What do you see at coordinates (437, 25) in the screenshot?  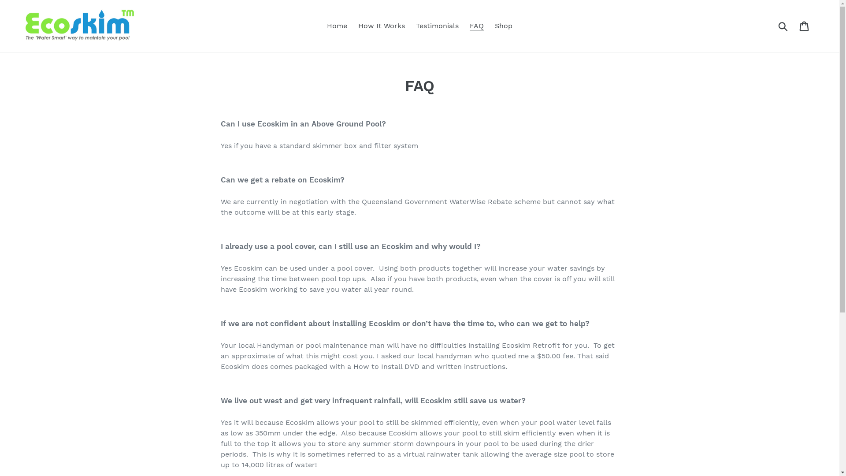 I see `'Testimonials'` at bounding box center [437, 25].